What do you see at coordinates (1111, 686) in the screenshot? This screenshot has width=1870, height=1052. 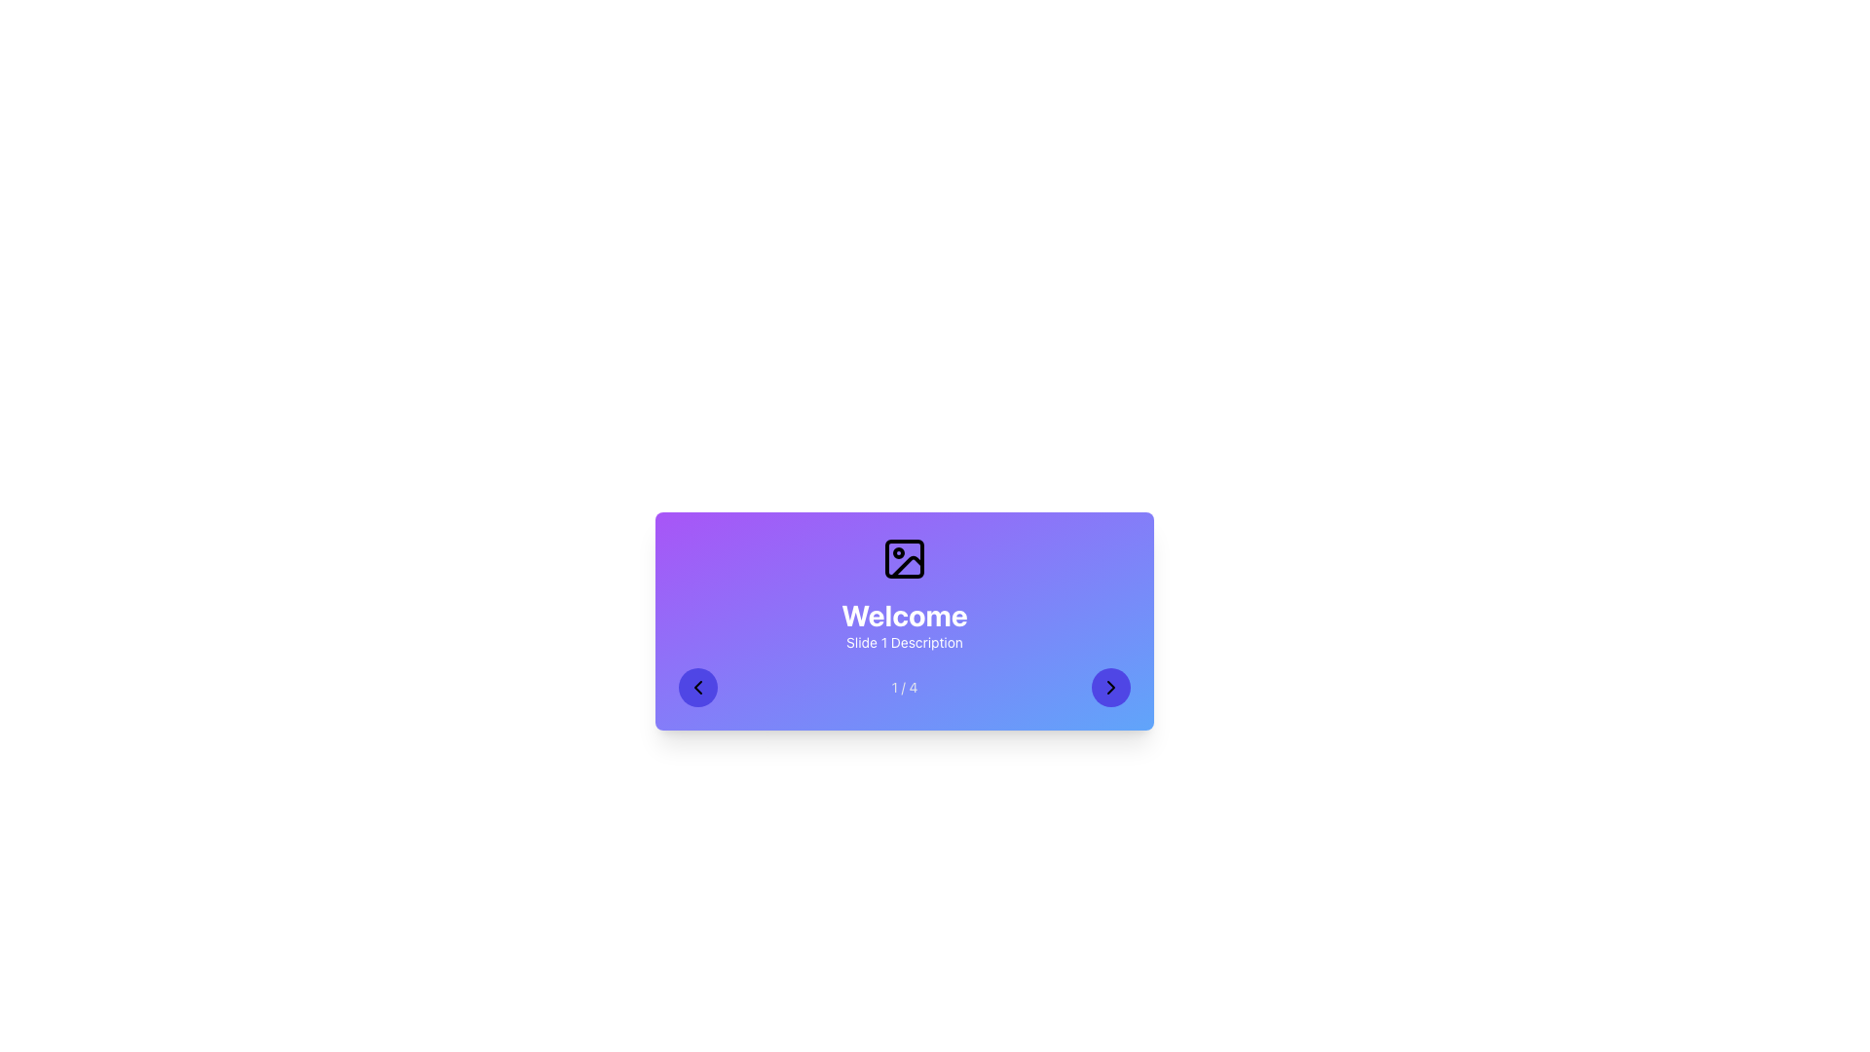 I see `the rightward chevron icon within the blue circular button located at the bottom-right corner of the card interface` at bounding box center [1111, 686].